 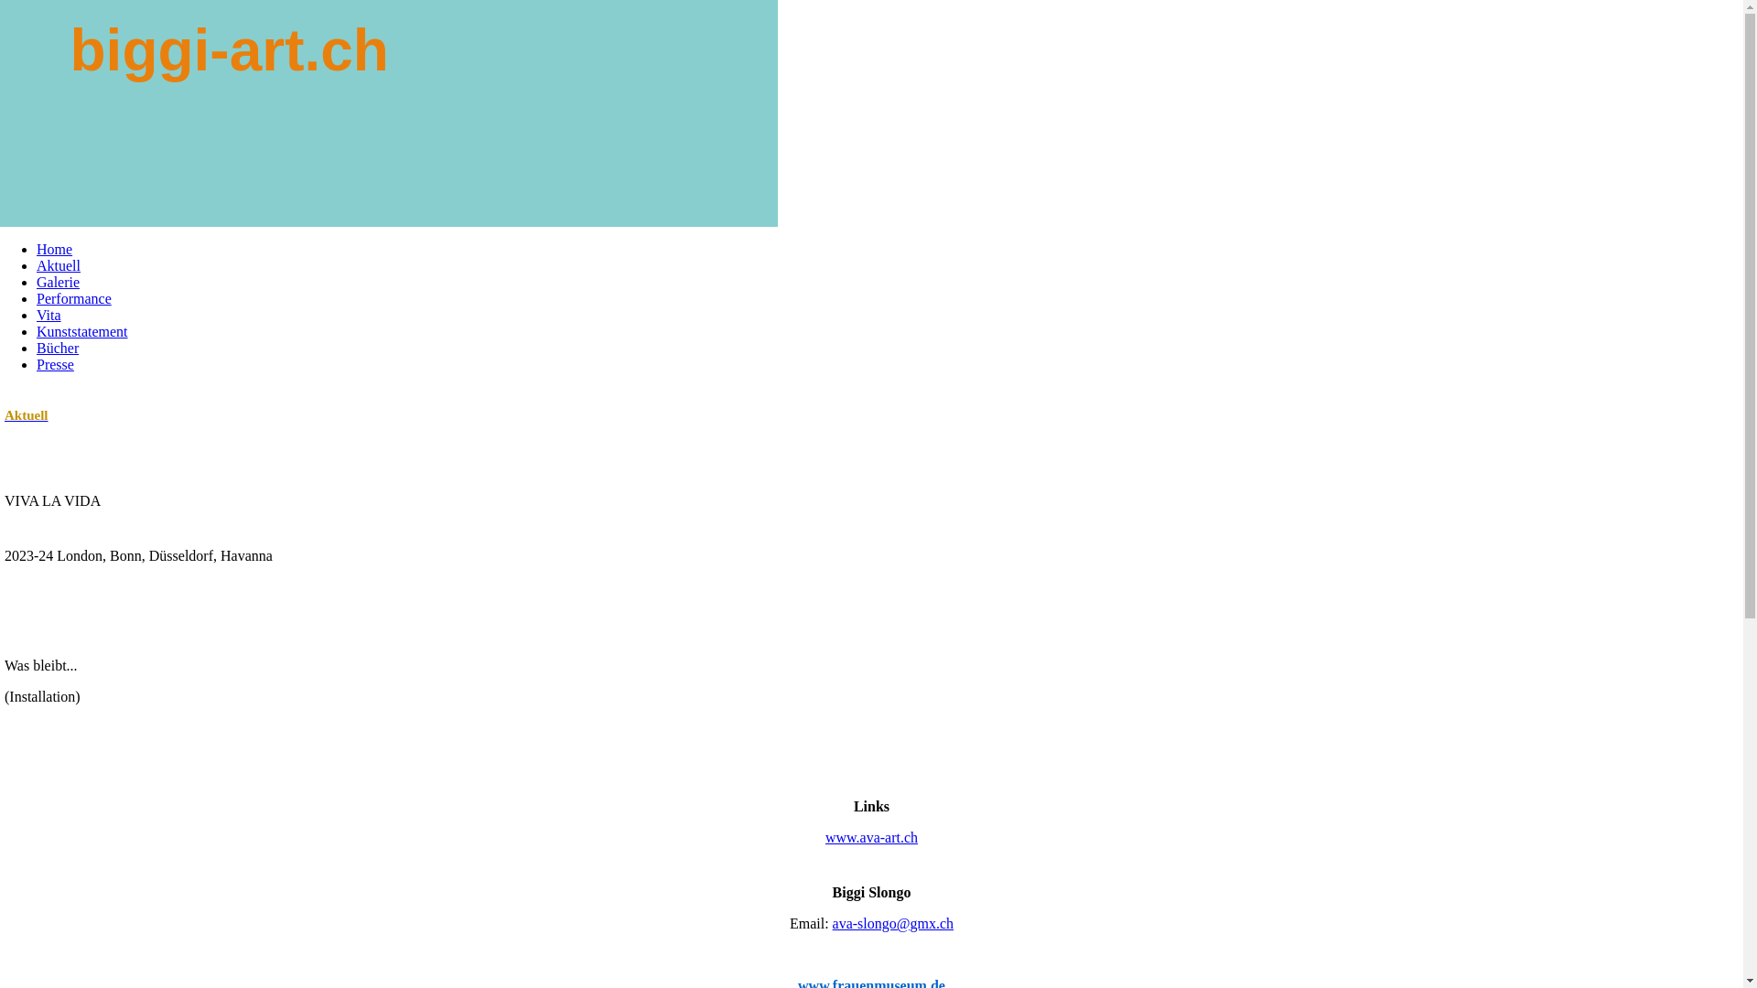 What do you see at coordinates (55, 364) in the screenshot?
I see `'Presse'` at bounding box center [55, 364].